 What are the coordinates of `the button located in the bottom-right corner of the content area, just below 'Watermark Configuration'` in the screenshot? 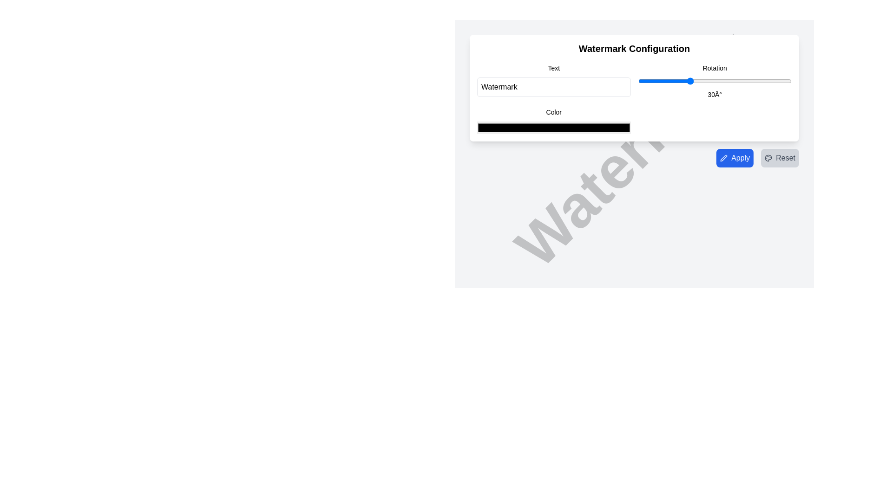 It's located at (735, 157).